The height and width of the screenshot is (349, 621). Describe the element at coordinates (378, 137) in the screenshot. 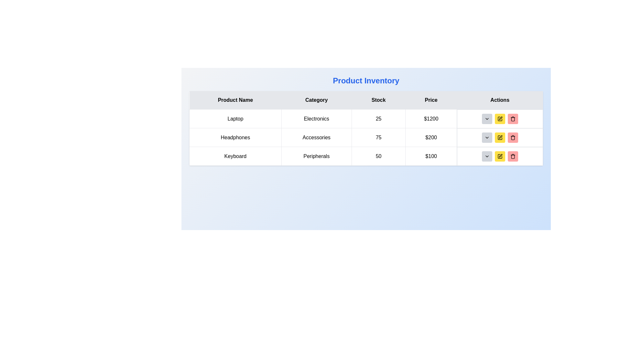

I see `the text display cell showing the stock quantity '75' for the 'Headphones' product` at that location.